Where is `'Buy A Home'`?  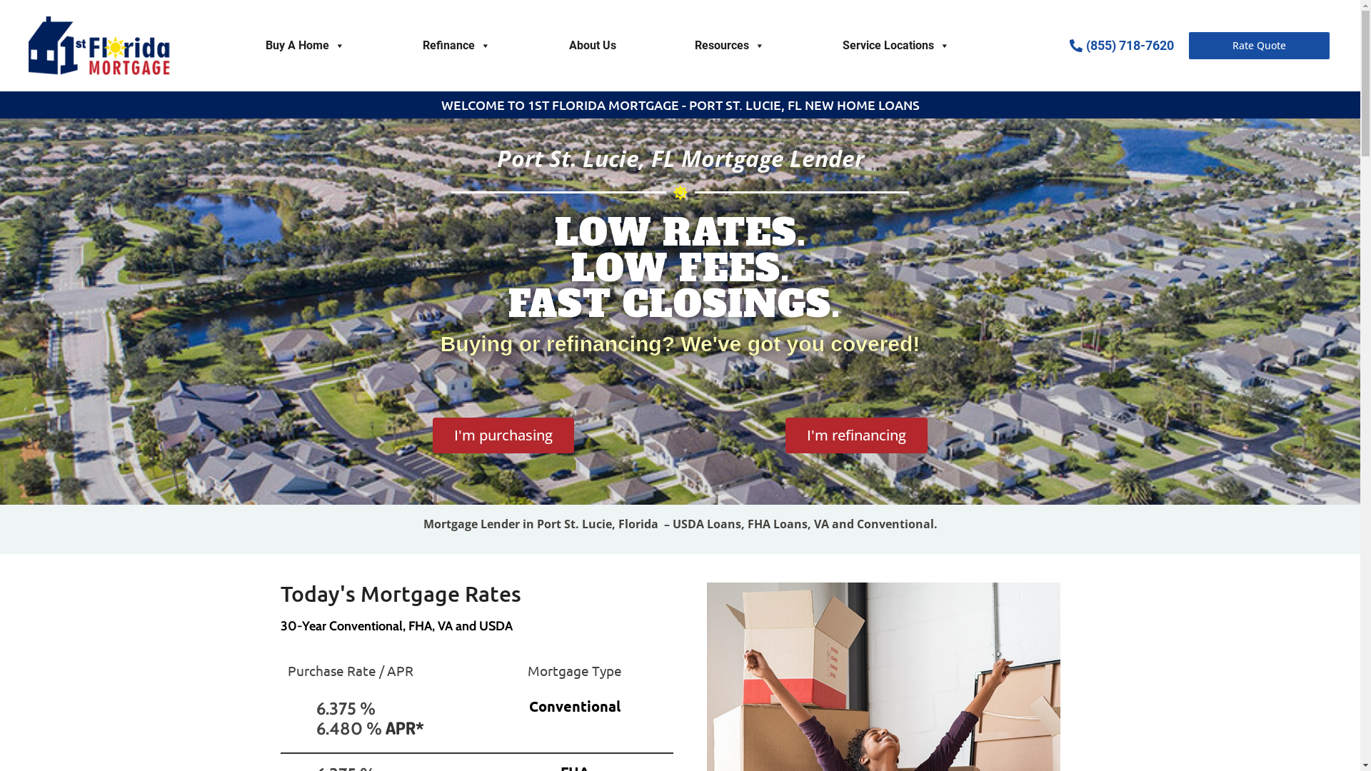 'Buy A Home' is located at coordinates (304, 45).